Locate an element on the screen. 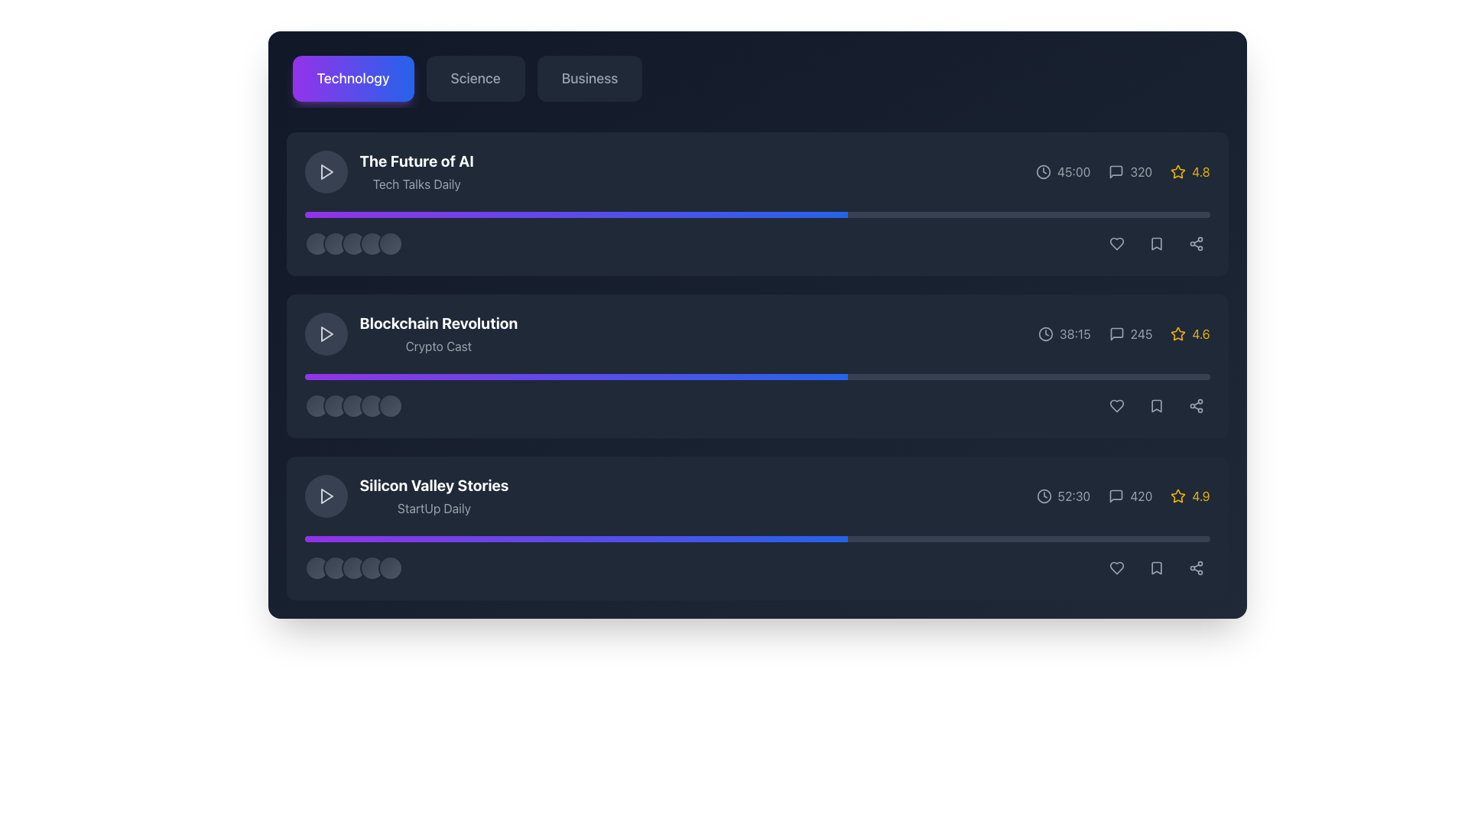 The width and height of the screenshot is (1468, 826). the first icon button from the left in the group of interactive icons at the bottom right corner of the 'Silicon Valley Stories' list item is located at coordinates (1116, 568).